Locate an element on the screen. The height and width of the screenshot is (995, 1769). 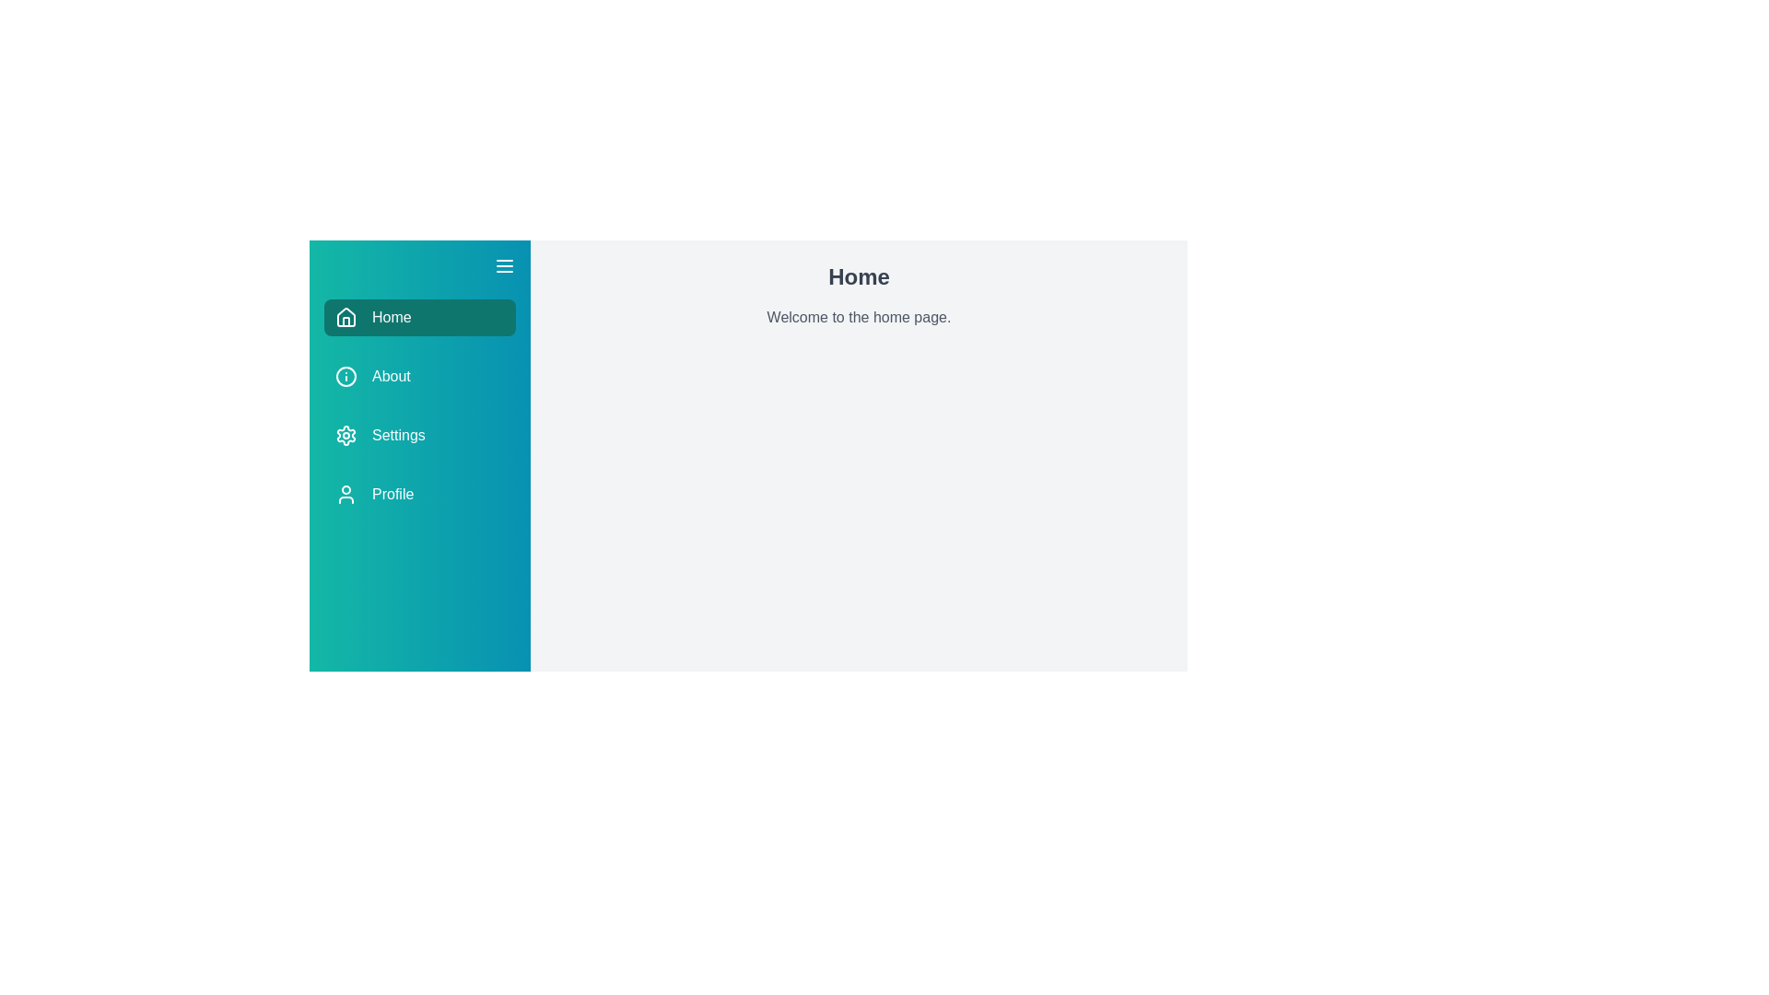
the menu item Settings to trigger its hover effect is located at coordinates (419, 436).